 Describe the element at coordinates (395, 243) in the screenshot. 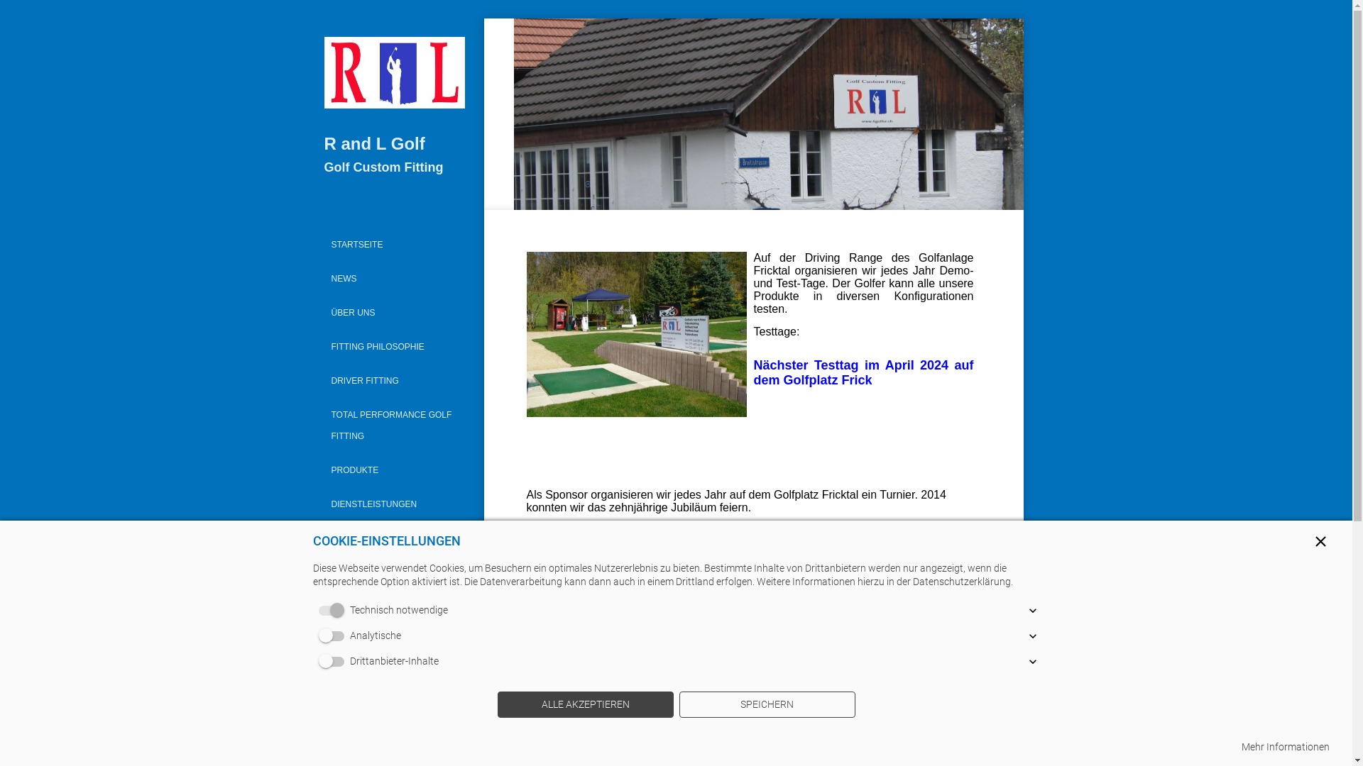

I see `'STARTSEITE'` at that location.